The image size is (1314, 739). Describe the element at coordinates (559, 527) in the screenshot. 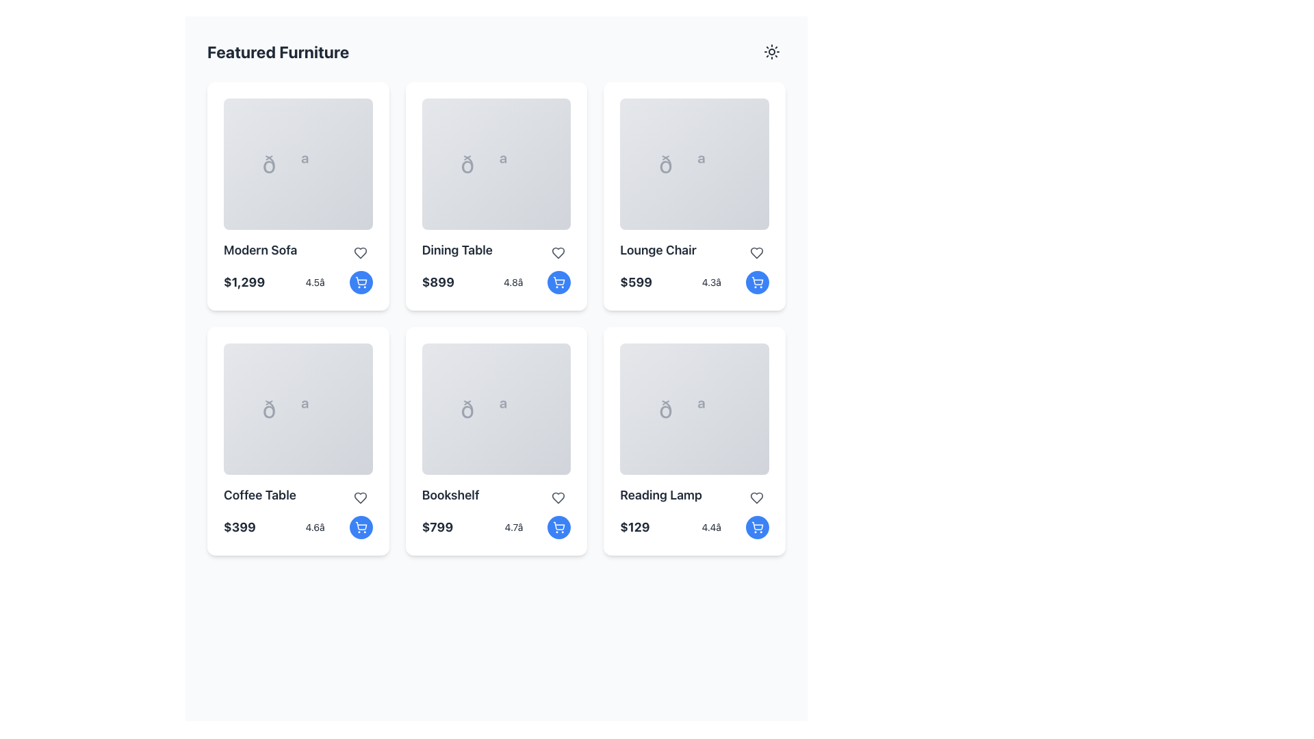

I see `the shopping cart icon button with a white outline on a blue circular background located in the bottom right corner of the 'Bookshelf' card in the 'Featured Furniture' grid` at that location.